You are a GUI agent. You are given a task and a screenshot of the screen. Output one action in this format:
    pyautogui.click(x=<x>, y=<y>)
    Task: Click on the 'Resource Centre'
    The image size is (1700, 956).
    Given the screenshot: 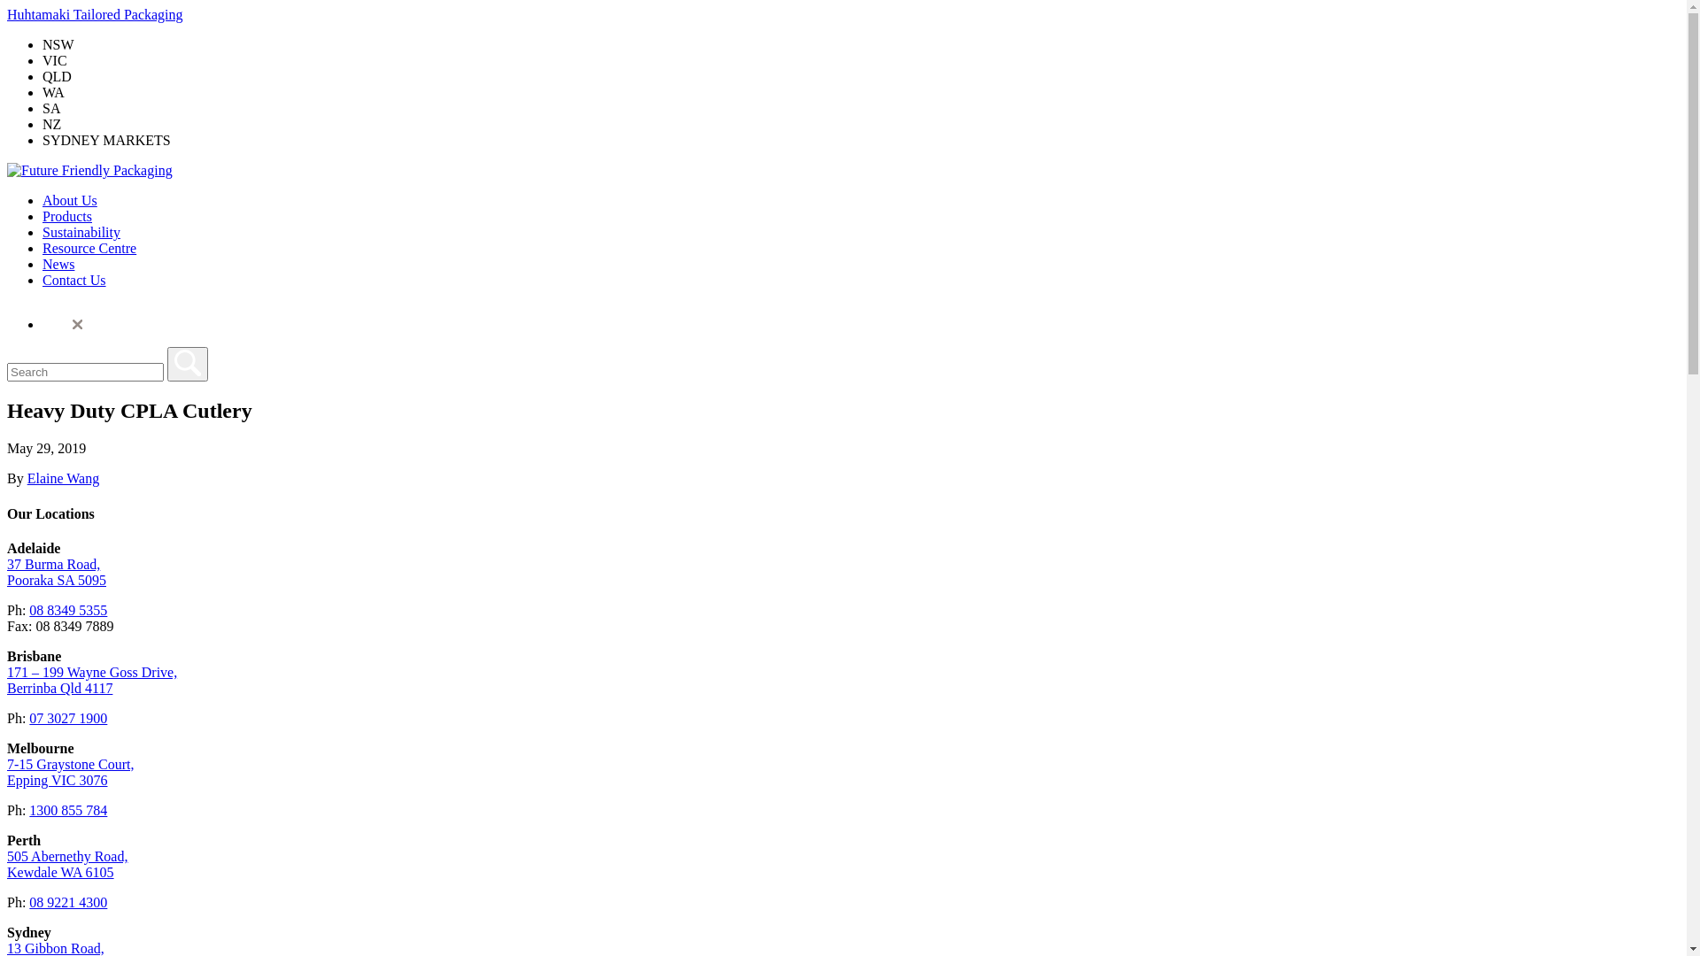 What is the action you would take?
    pyautogui.click(x=88, y=248)
    